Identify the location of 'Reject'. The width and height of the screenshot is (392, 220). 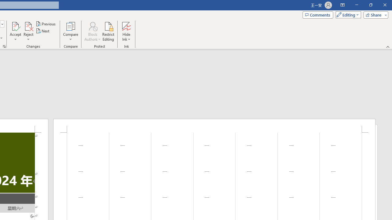
(28, 31).